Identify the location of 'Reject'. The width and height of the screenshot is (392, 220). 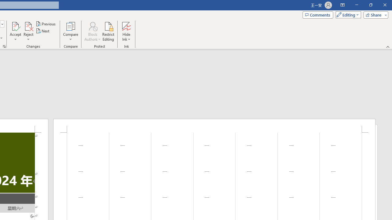
(28, 31).